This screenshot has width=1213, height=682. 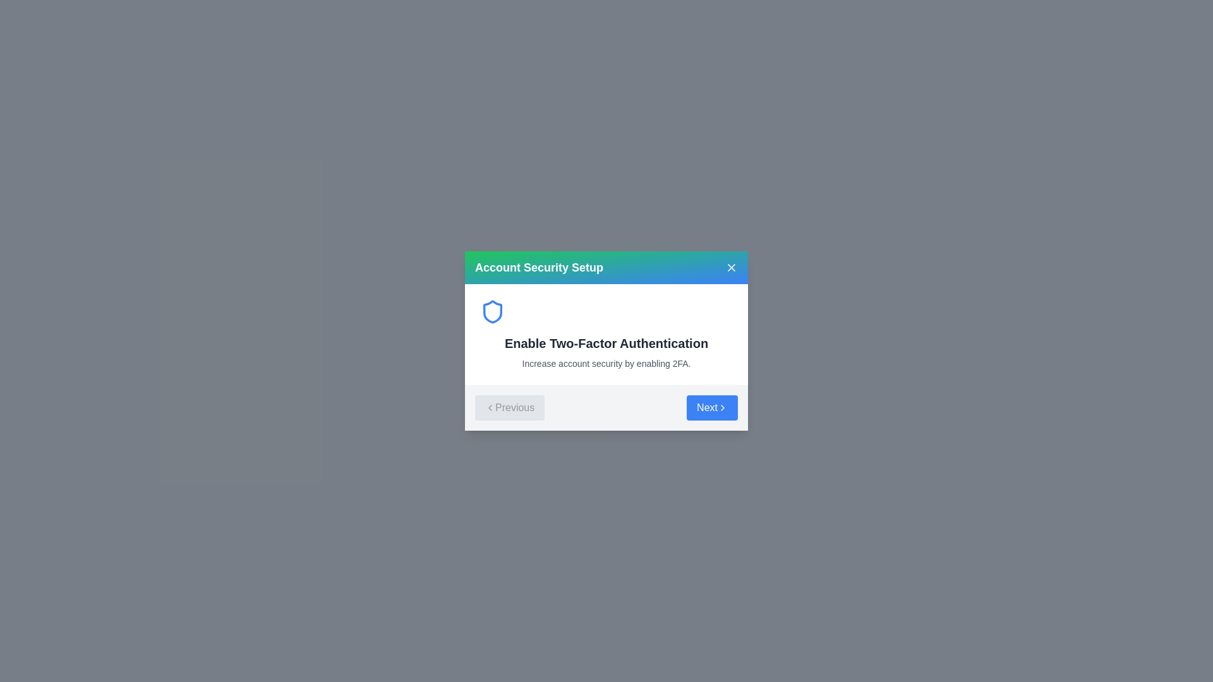 What do you see at coordinates (731, 267) in the screenshot?
I see `the close icon represented by a diagonal cross ('X') located at the top-right corner of the modal dialog box` at bounding box center [731, 267].